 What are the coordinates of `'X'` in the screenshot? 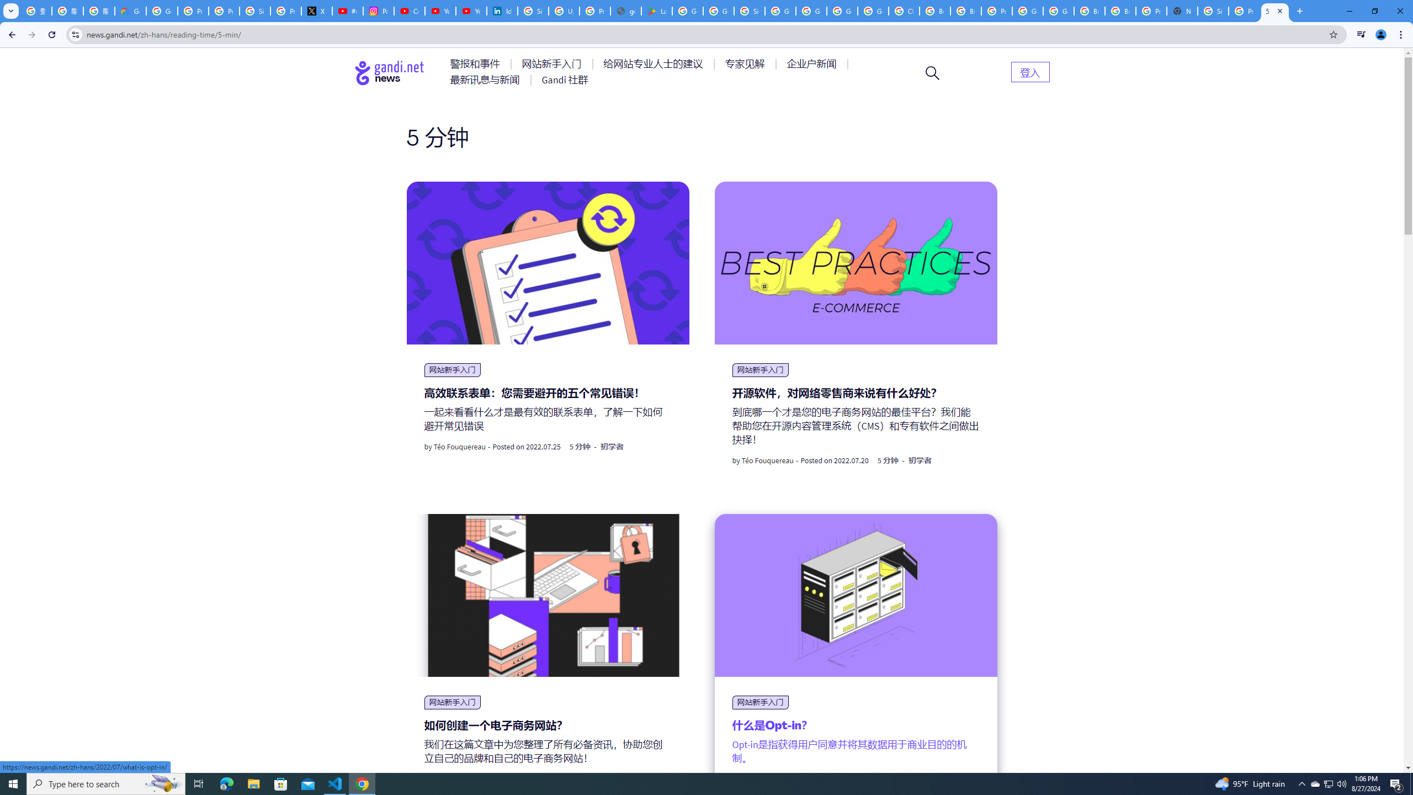 It's located at (317, 10).